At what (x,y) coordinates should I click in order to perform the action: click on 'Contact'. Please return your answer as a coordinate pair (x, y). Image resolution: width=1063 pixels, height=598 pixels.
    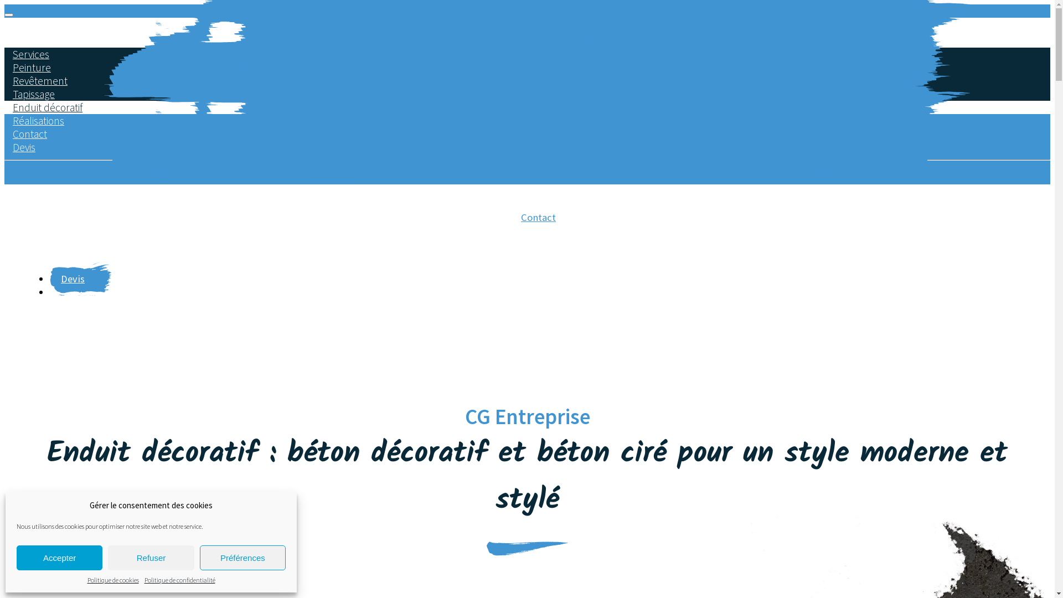
    Looking at the image, I should click on (538, 222).